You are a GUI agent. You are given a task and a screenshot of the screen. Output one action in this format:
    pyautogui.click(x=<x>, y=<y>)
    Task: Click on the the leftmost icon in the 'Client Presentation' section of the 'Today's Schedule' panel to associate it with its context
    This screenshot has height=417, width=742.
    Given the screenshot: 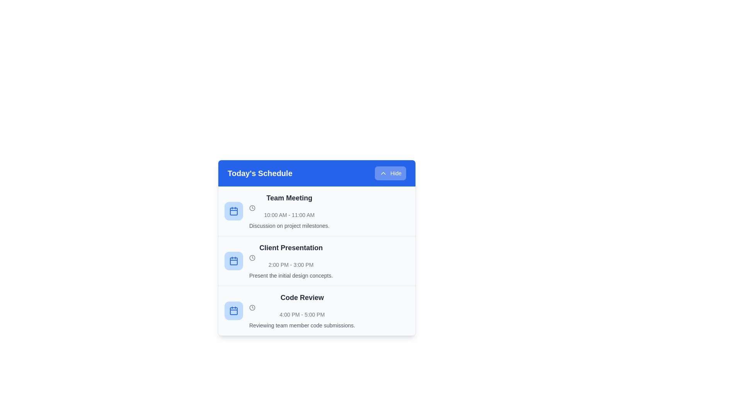 What is the action you would take?
    pyautogui.click(x=233, y=261)
    